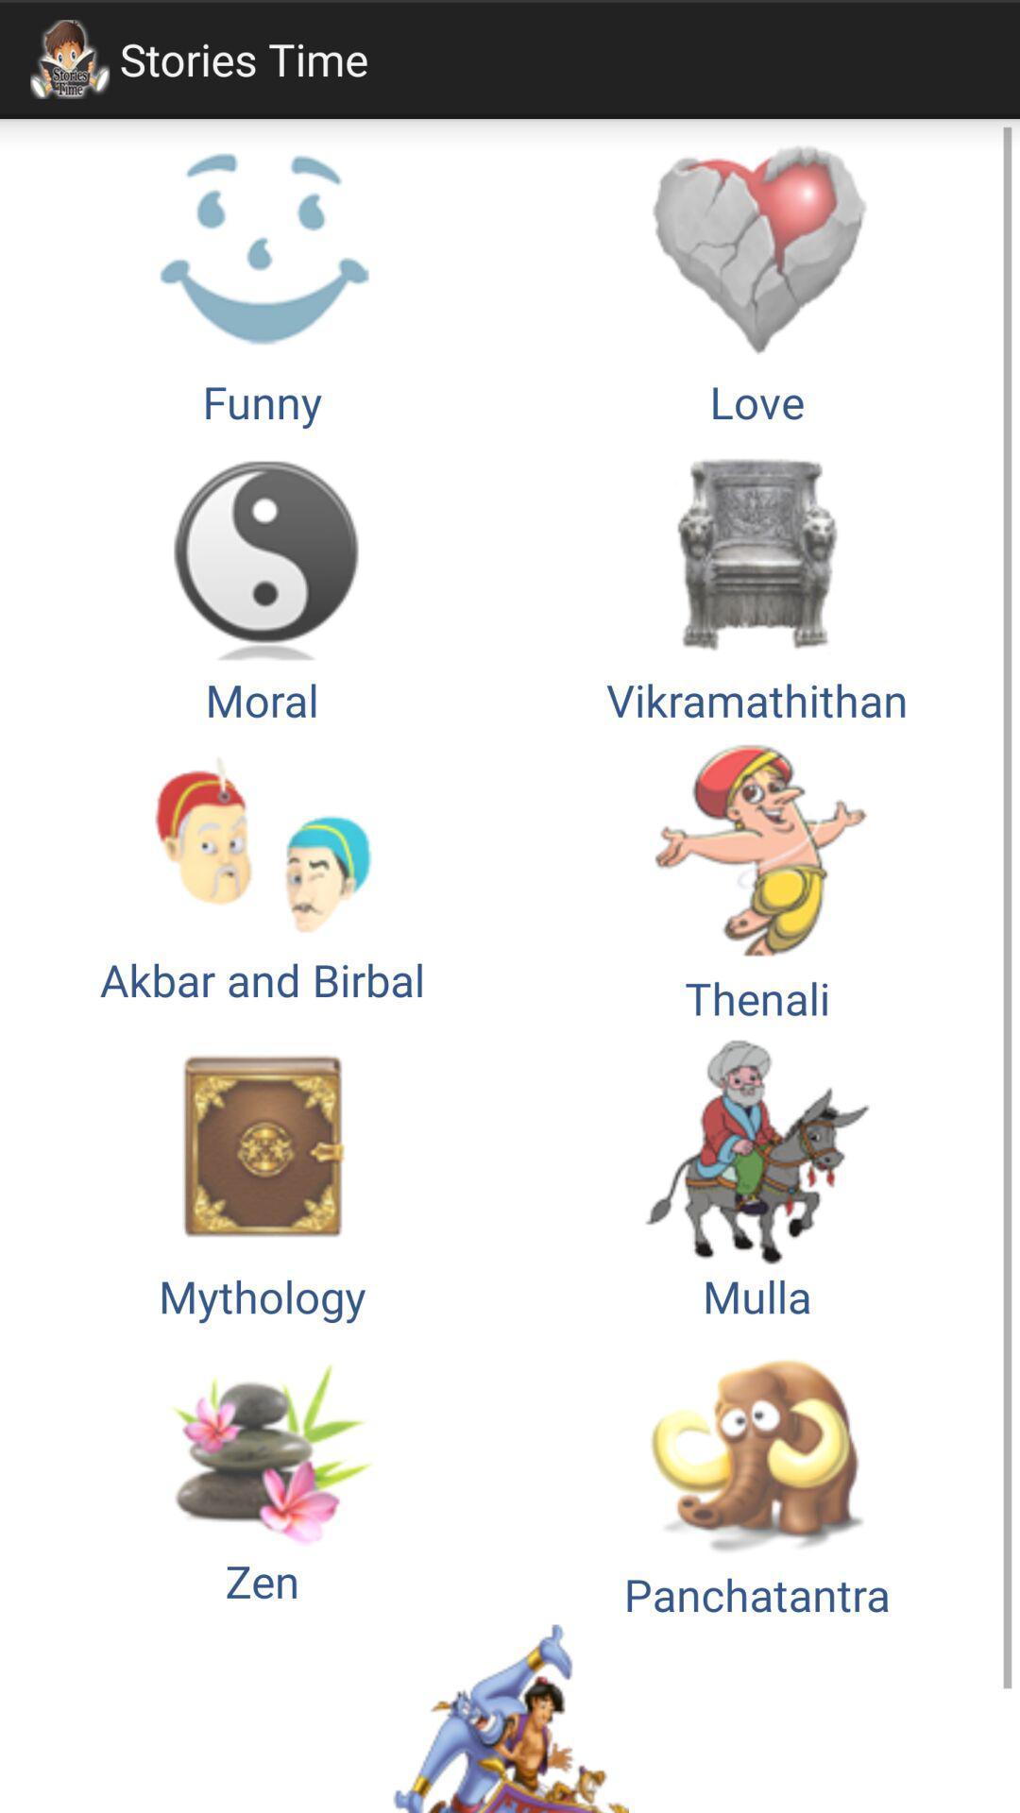 This screenshot has width=1020, height=1813. Describe the element at coordinates (262, 281) in the screenshot. I see `the funny icon` at that location.